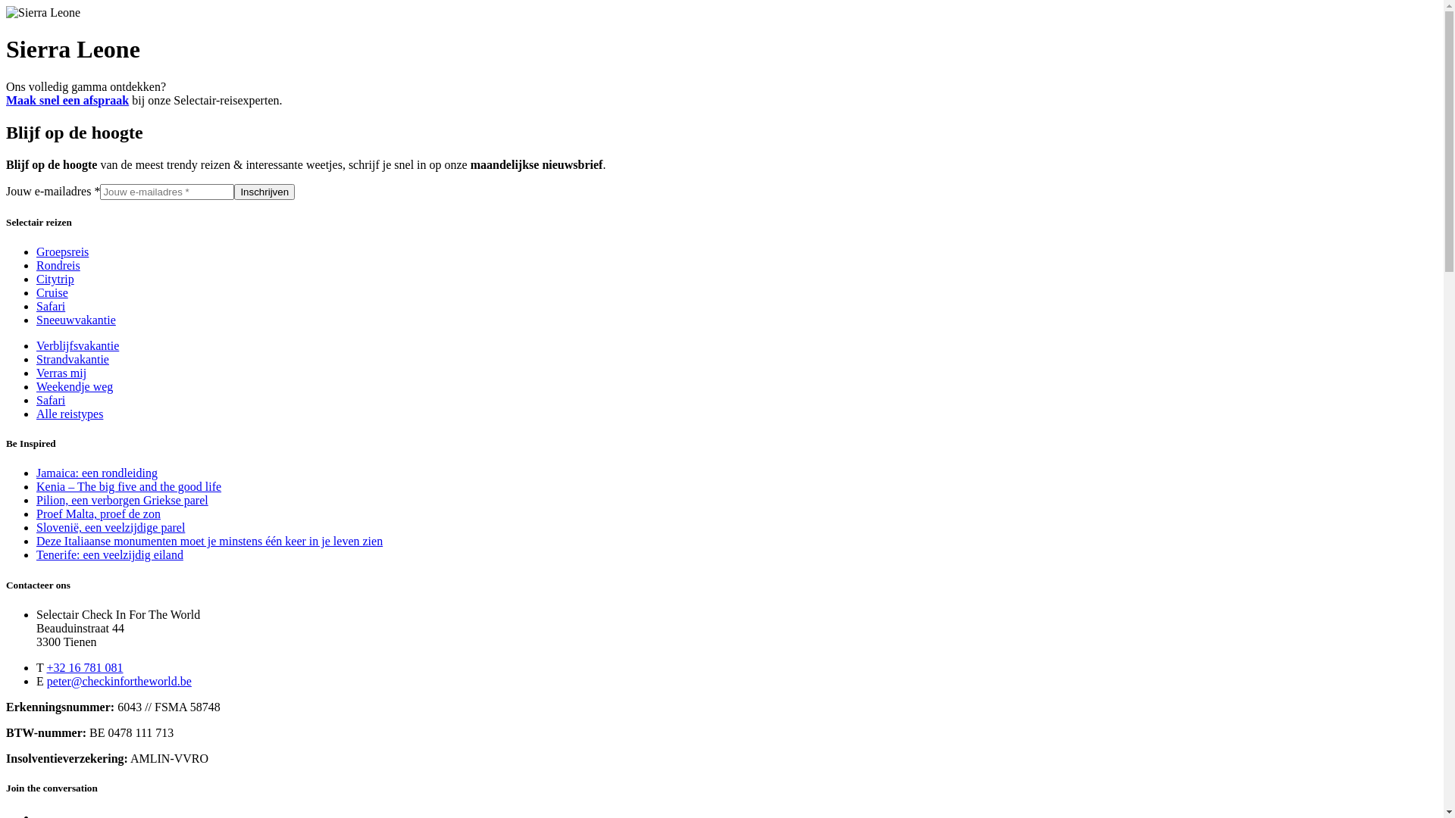  I want to click on 'Proef Malta, proef de zon', so click(97, 513).